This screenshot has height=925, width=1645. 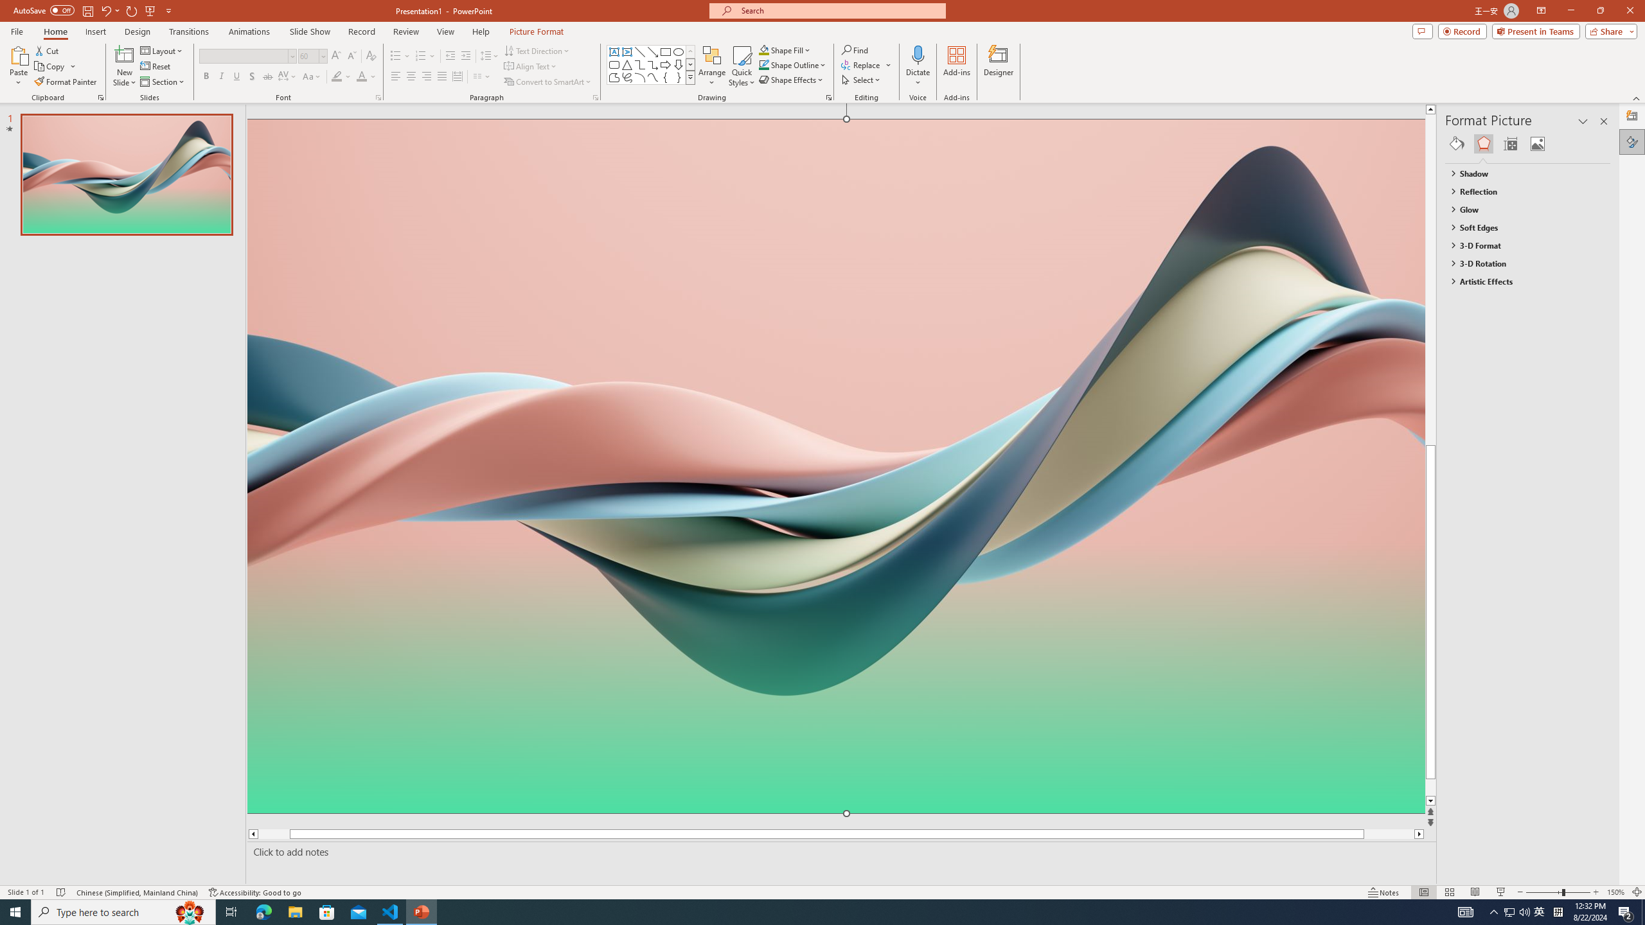 What do you see at coordinates (537, 31) in the screenshot?
I see `'Picture Format'` at bounding box center [537, 31].